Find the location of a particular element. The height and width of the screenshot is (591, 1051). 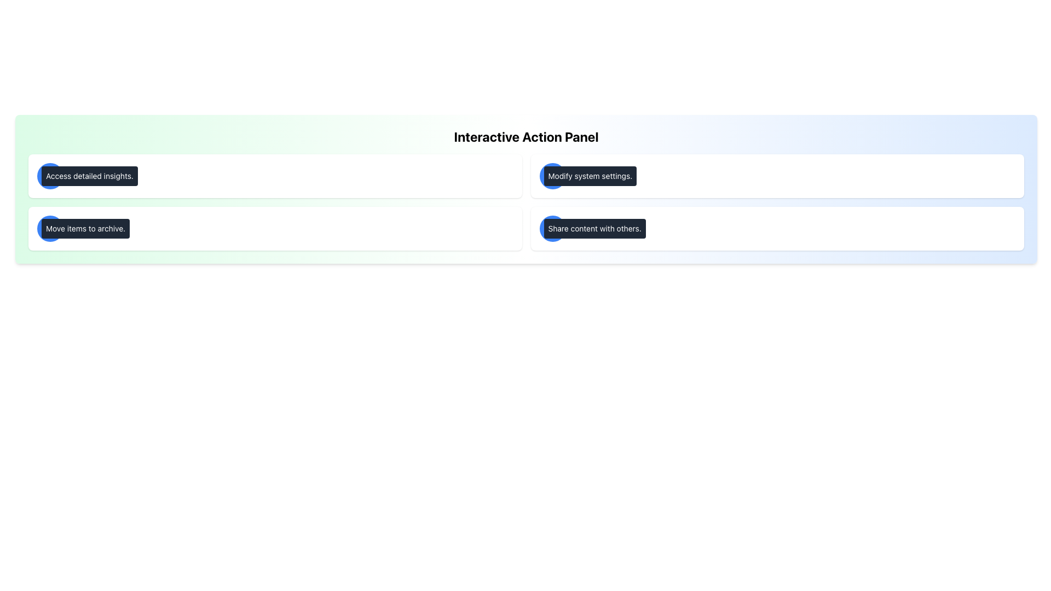

the gear-shaped icon located in the upper-right quadrant of the four action items is located at coordinates (552, 175).